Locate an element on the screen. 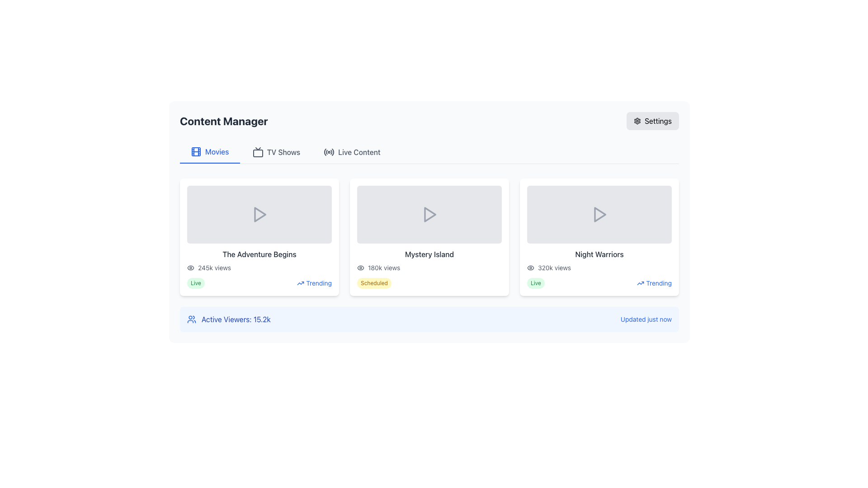 The height and width of the screenshot is (488, 868). the third button on the horizontal navigation bar is located at coordinates (351, 151).